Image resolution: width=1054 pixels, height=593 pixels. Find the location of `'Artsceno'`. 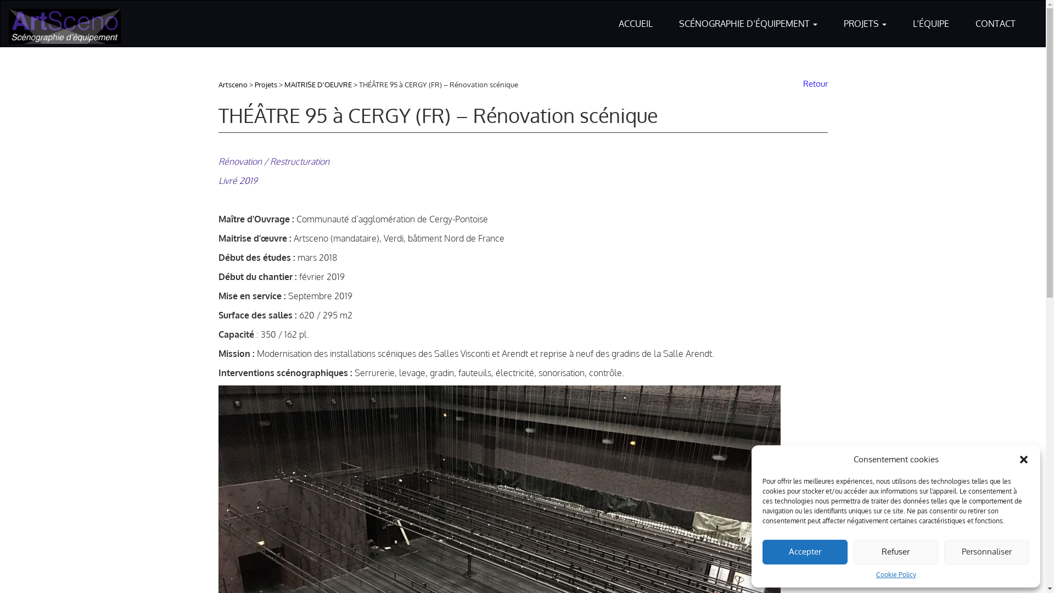

'Artsceno' is located at coordinates (232, 84).